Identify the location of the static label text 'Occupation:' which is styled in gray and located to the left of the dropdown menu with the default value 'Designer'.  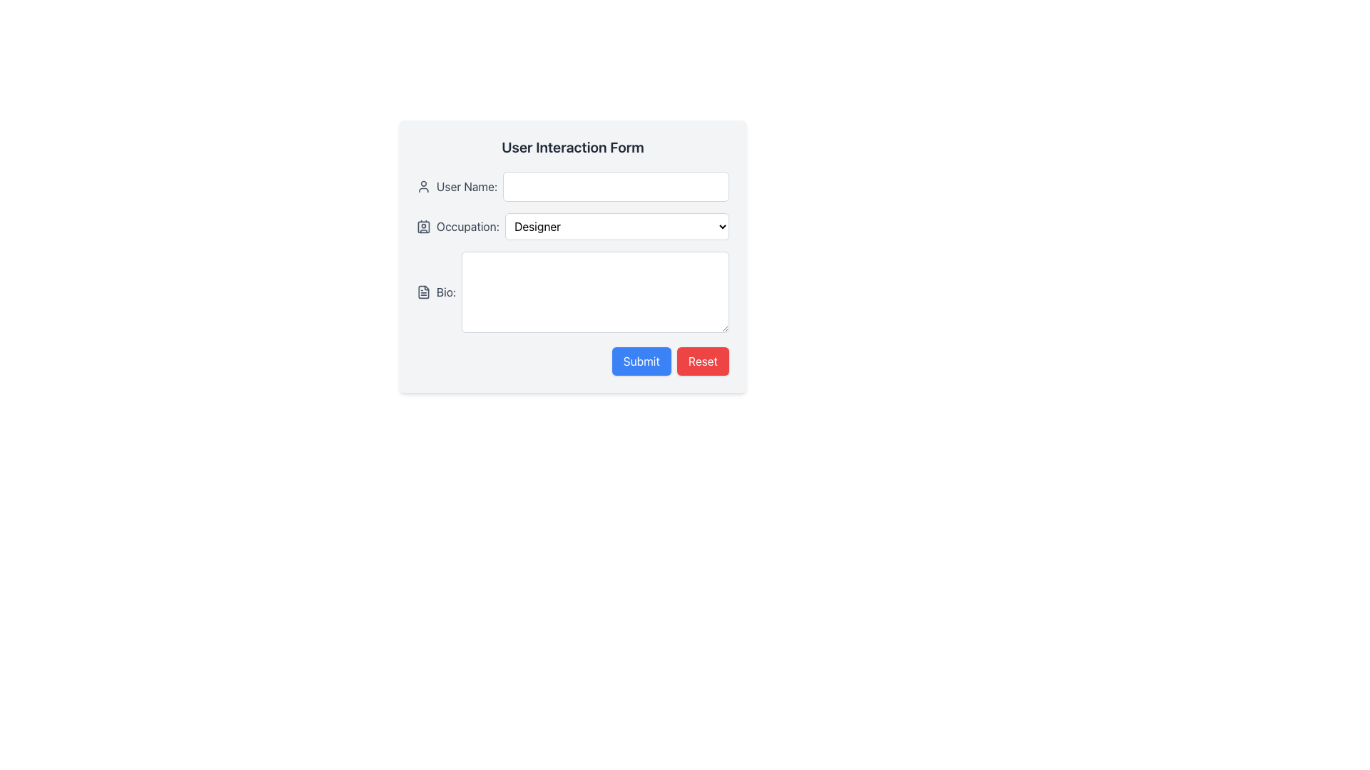
(468, 225).